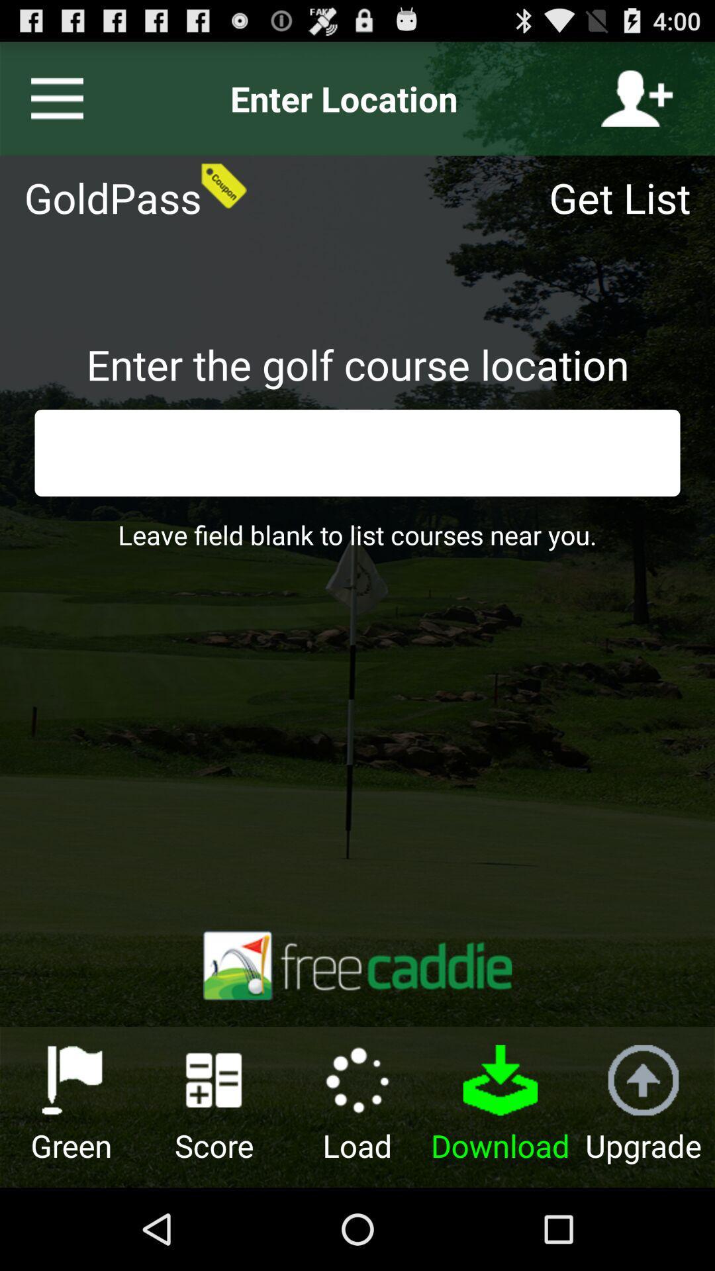 The height and width of the screenshot is (1271, 715). I want to click on the app above the goldpass icon, so click(51, 98).